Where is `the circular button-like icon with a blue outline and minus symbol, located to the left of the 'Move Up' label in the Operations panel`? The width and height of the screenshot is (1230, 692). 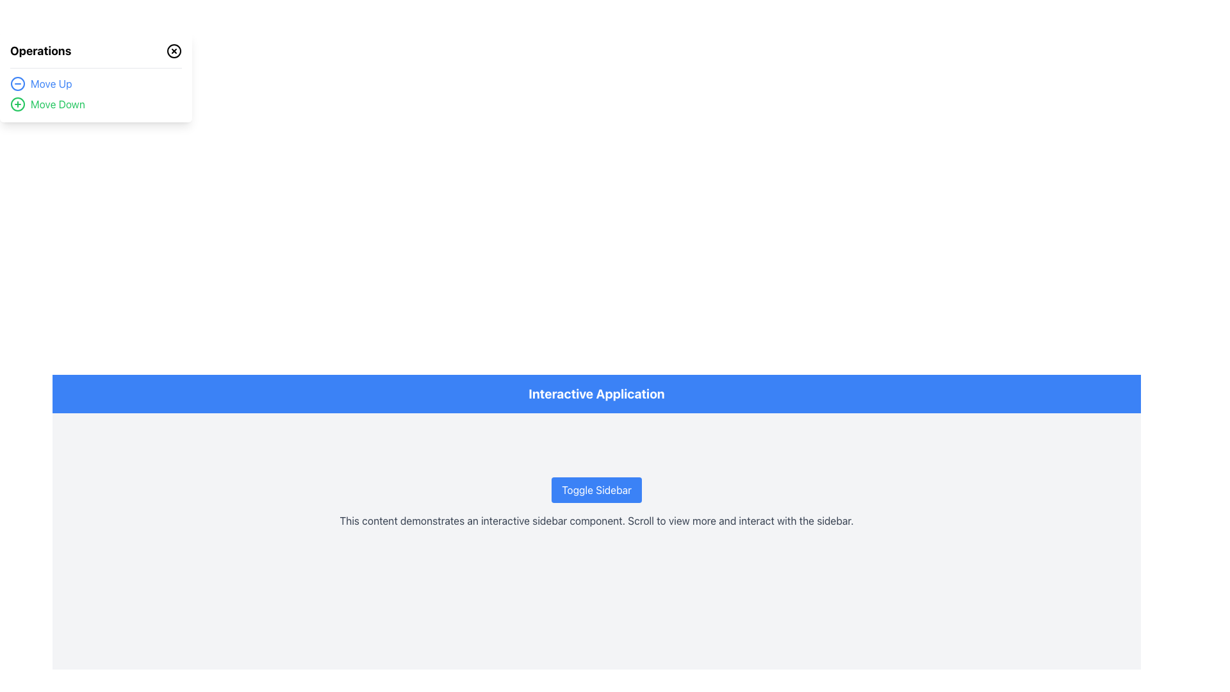 the circular button-like icon with a blue outline and minus symbol, located to the left of the 'Move Up' label in the Operations panel is located at coordinates (18, 84).